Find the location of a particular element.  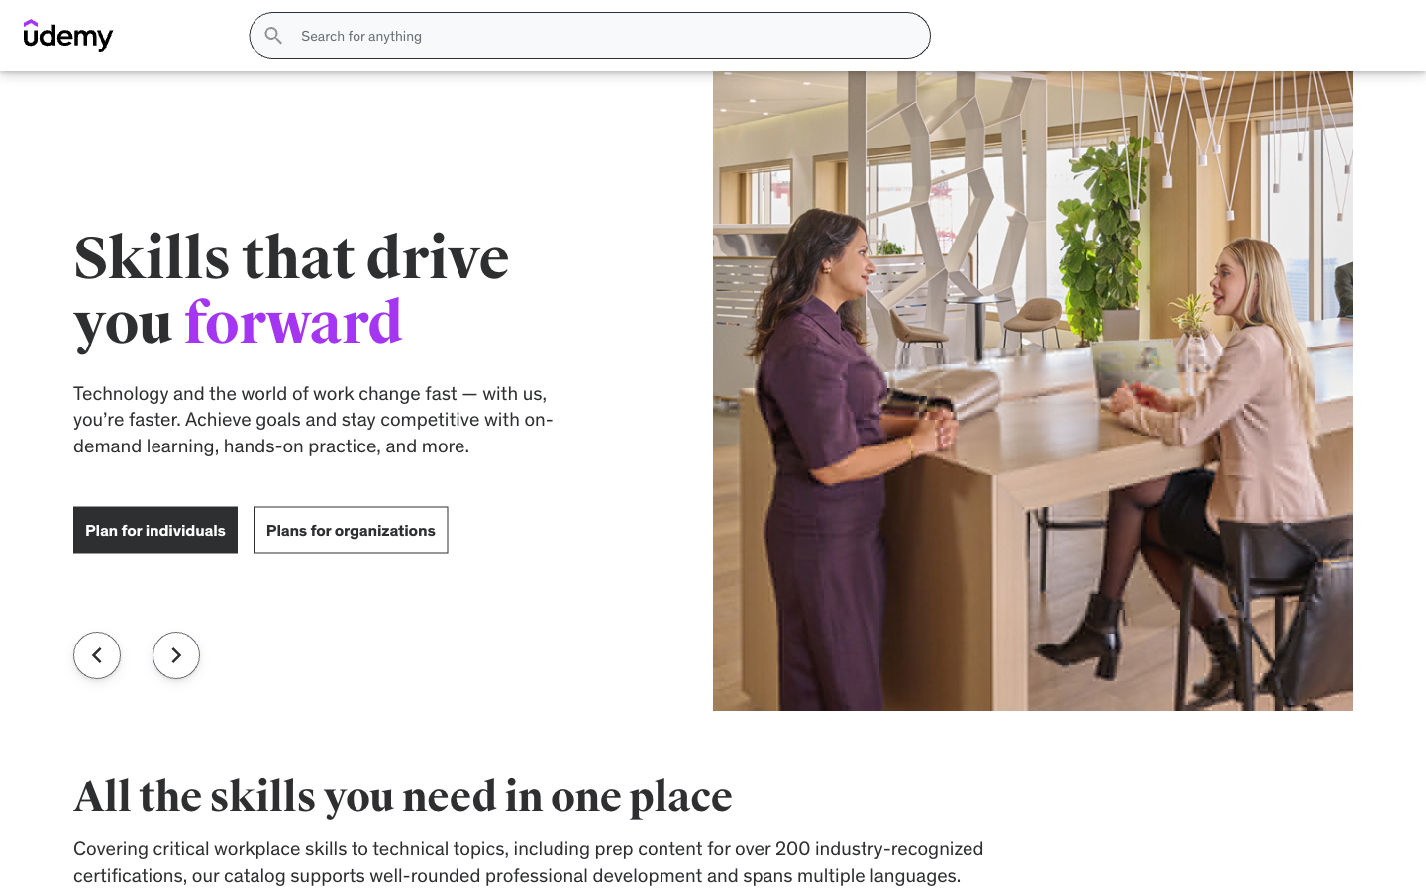

Change filter category is located at coordinates (321, 452).